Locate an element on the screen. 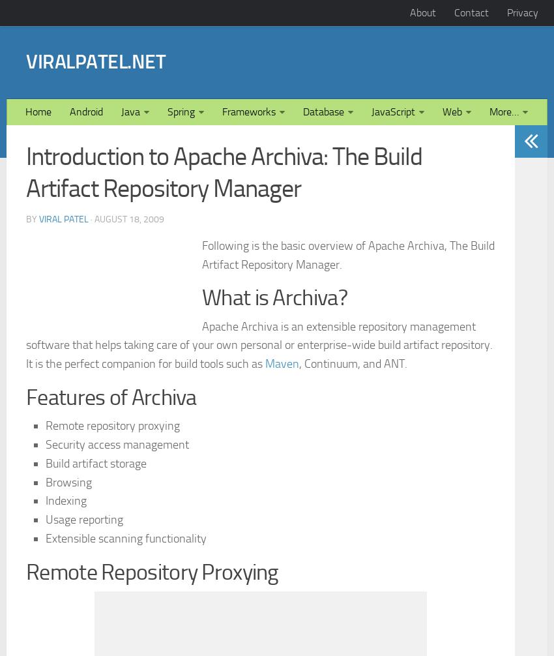 This screenshot has height=656, width=554. ', Continuum, and ANT.' is located at coordinates (299, 545).